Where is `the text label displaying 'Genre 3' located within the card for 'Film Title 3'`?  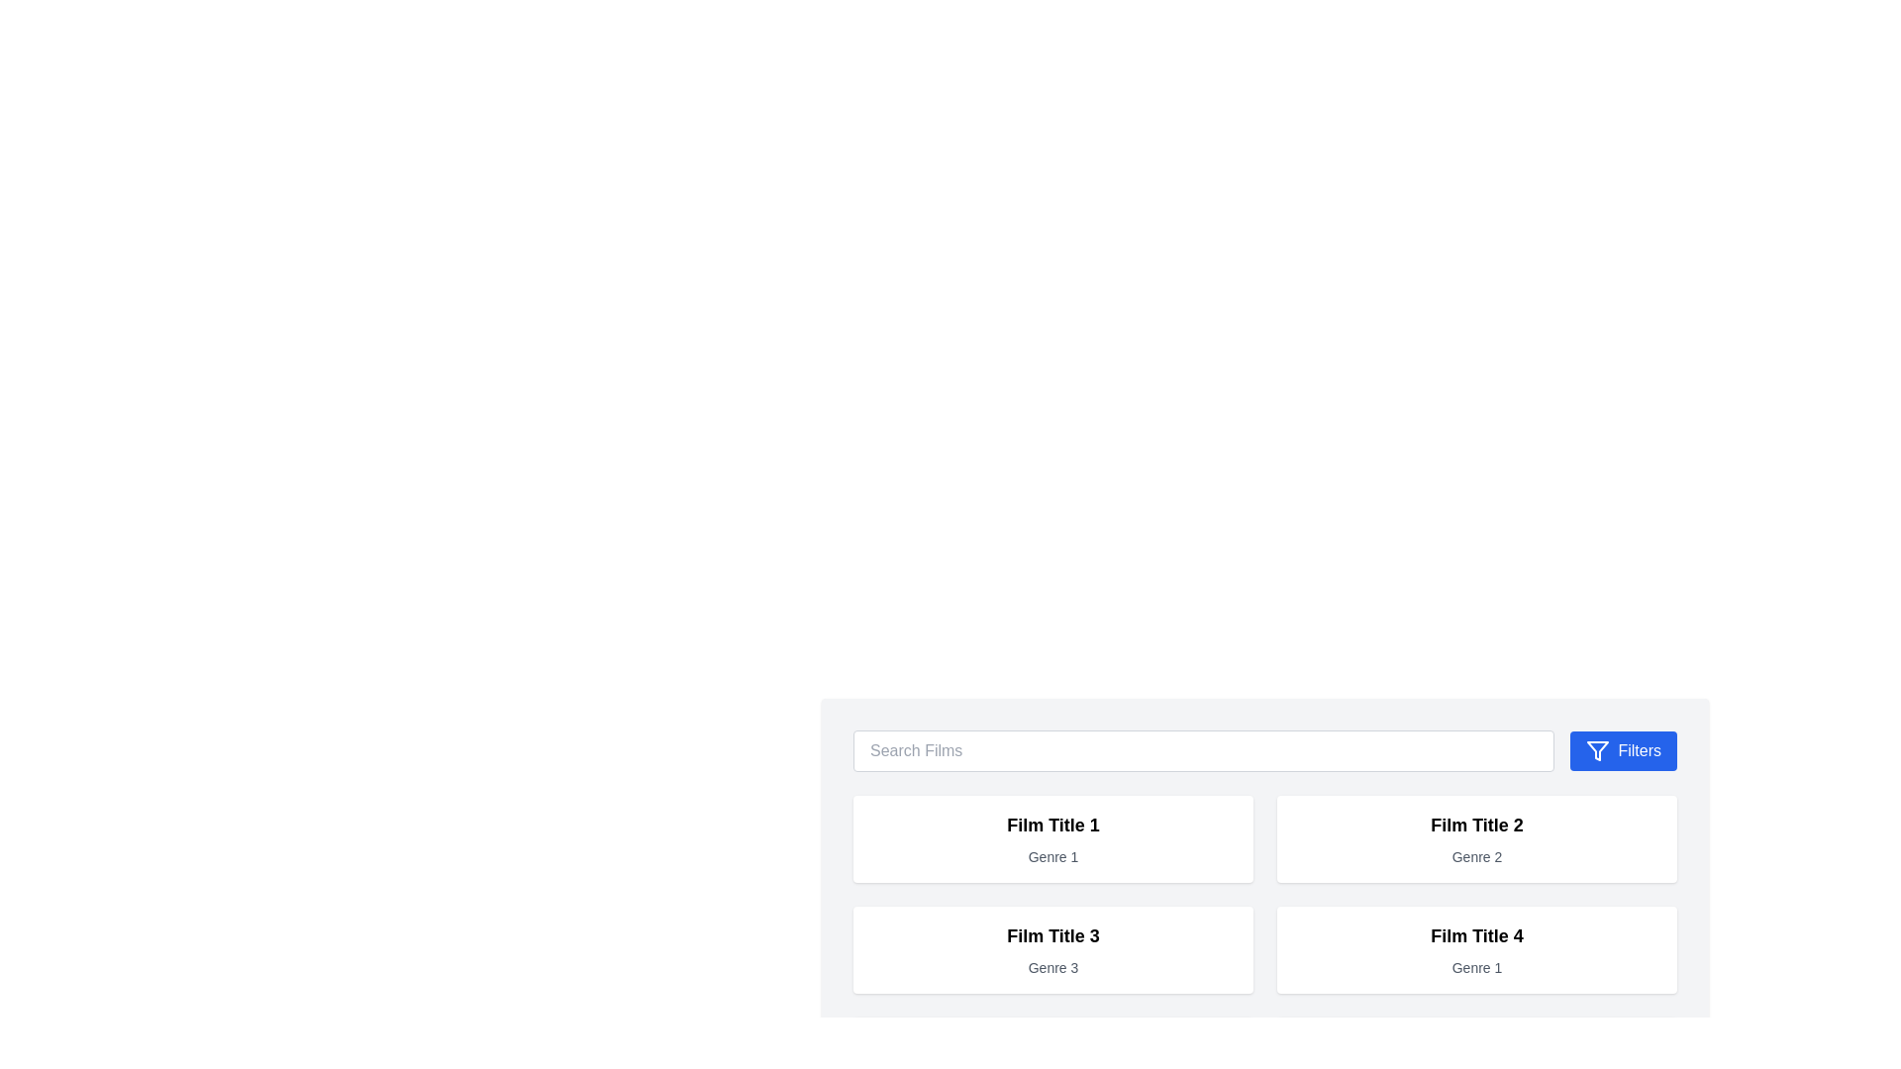 the text label displaying 'Genre 3' located within the card for 'Film Title 3' is located at coordinates (1052, 967).